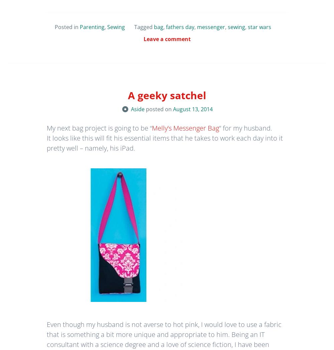 The image size is (334, 350). Describe the element at coordinates (159, 109) in the screenshot. I see `'posted on'` at that location.